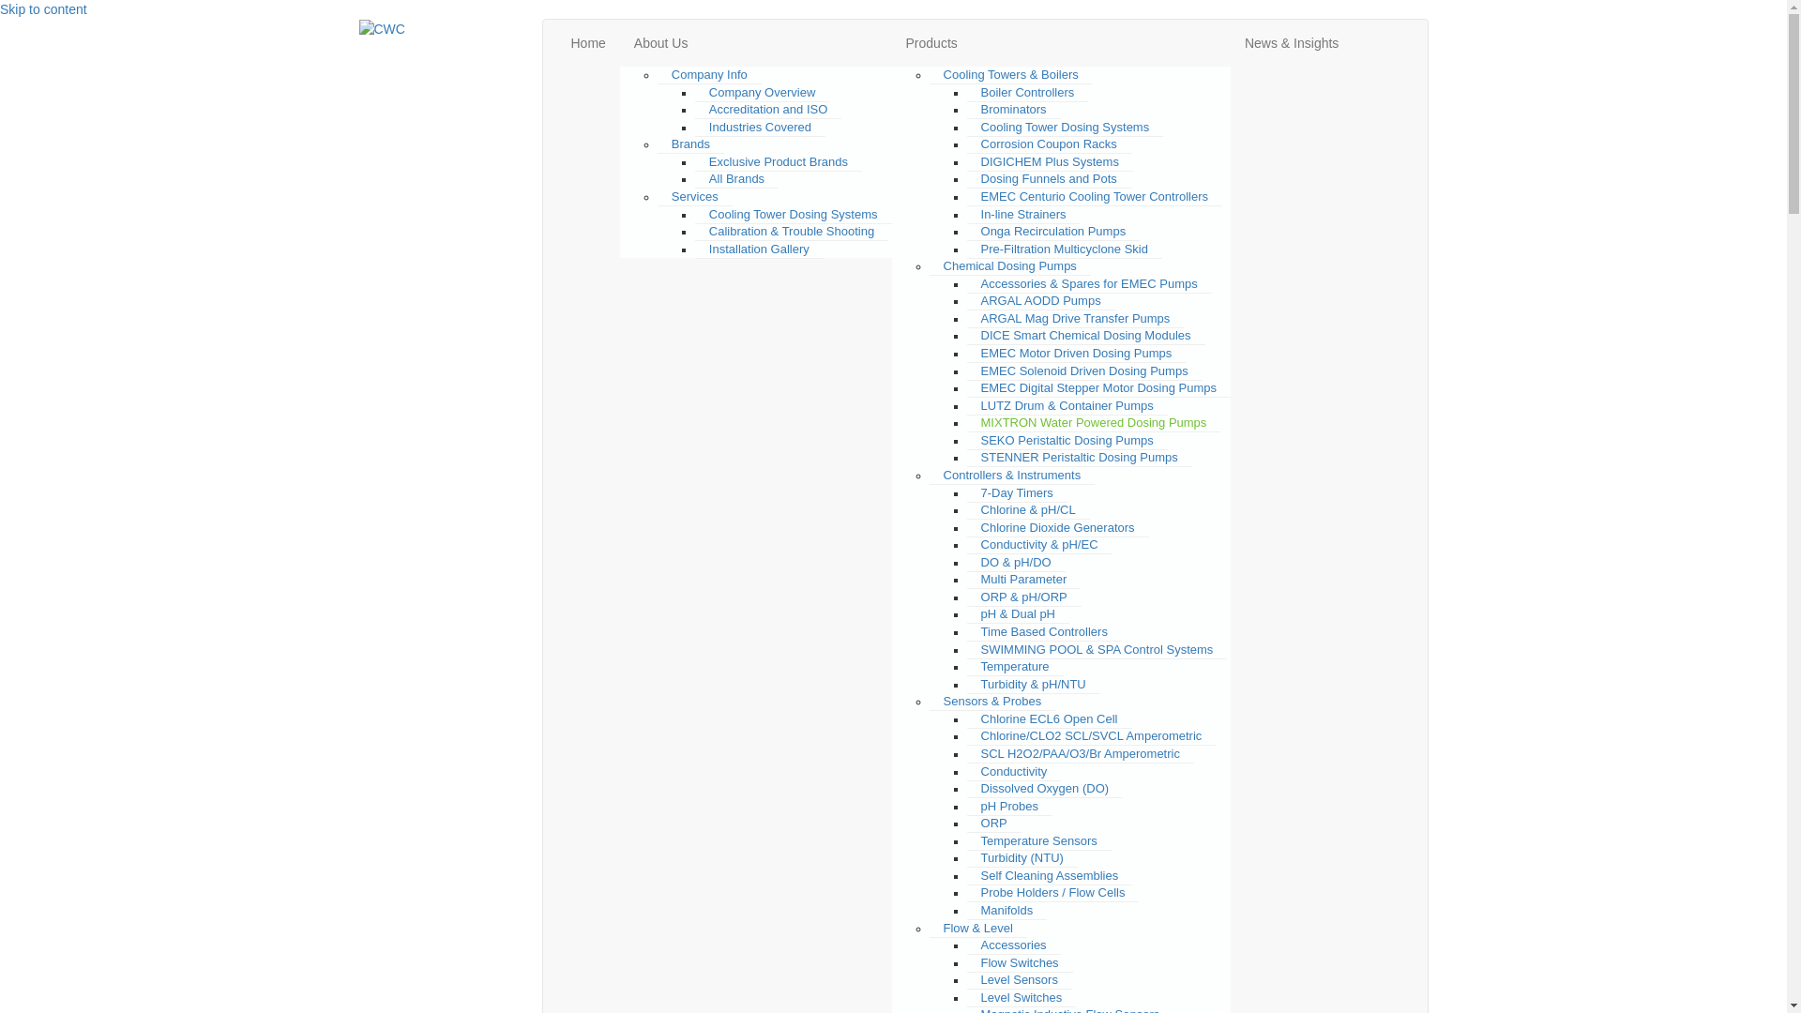  What do you see at coordinates (1097, 649) in the screenshot?
I see `'SWIMMING POOL & SPA Control Systems'` at bounding box center [1097, 649].